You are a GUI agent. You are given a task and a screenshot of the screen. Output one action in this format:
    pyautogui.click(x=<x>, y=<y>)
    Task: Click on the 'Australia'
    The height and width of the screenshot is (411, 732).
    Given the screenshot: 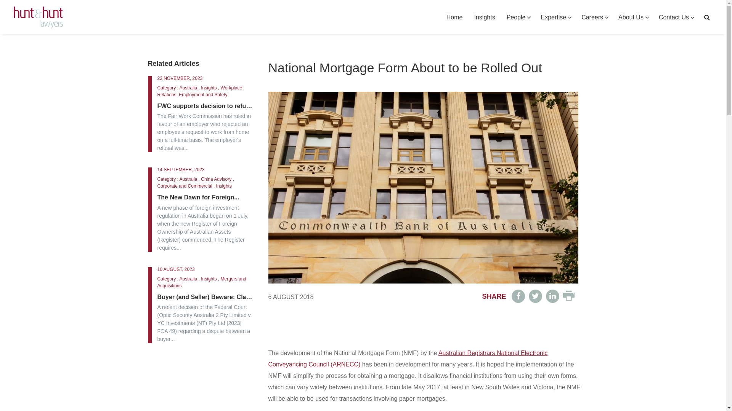 What is the action you would take?
    pyautogui.click(x=188, y=88)
    